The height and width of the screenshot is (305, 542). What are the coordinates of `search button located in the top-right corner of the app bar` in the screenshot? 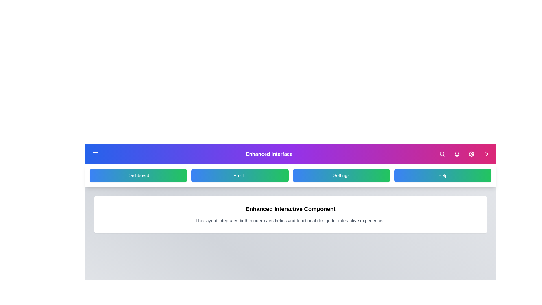 It's located at (442, 154).